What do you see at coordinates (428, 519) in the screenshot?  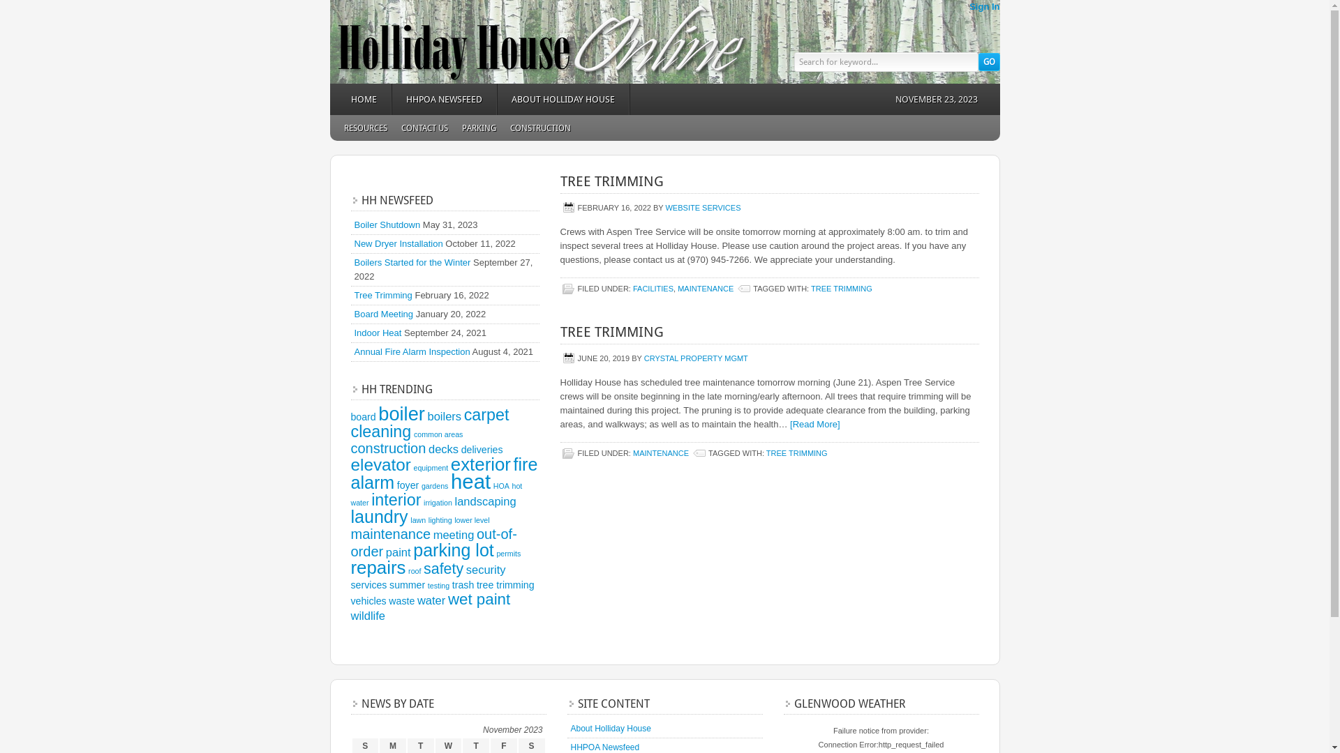 I see `'lighting'` at bounding box center [428, 519].